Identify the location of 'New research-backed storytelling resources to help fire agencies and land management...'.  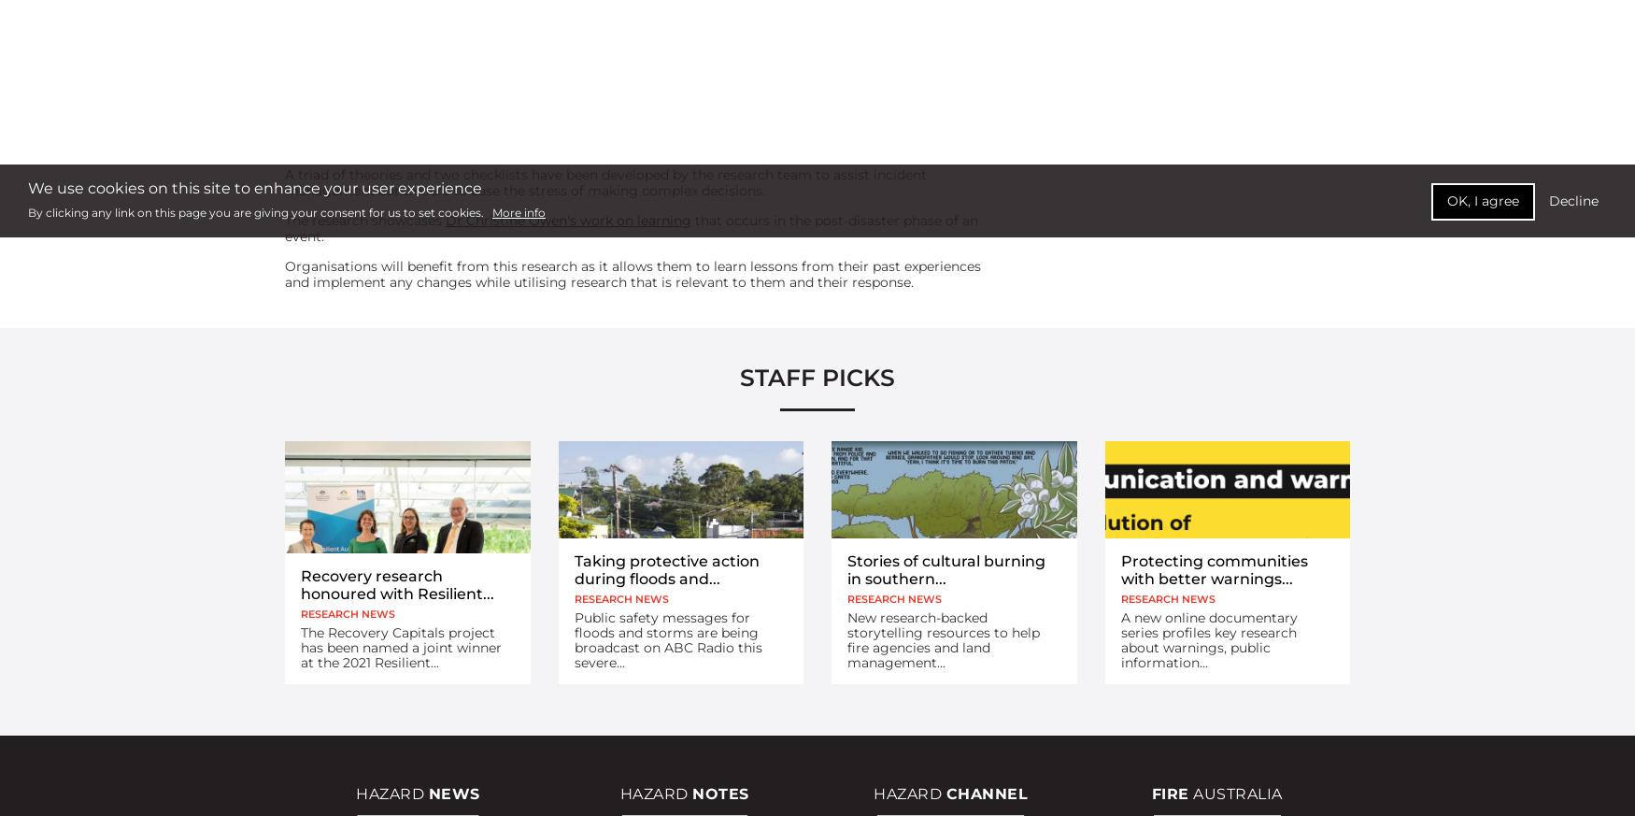
(942, 640).